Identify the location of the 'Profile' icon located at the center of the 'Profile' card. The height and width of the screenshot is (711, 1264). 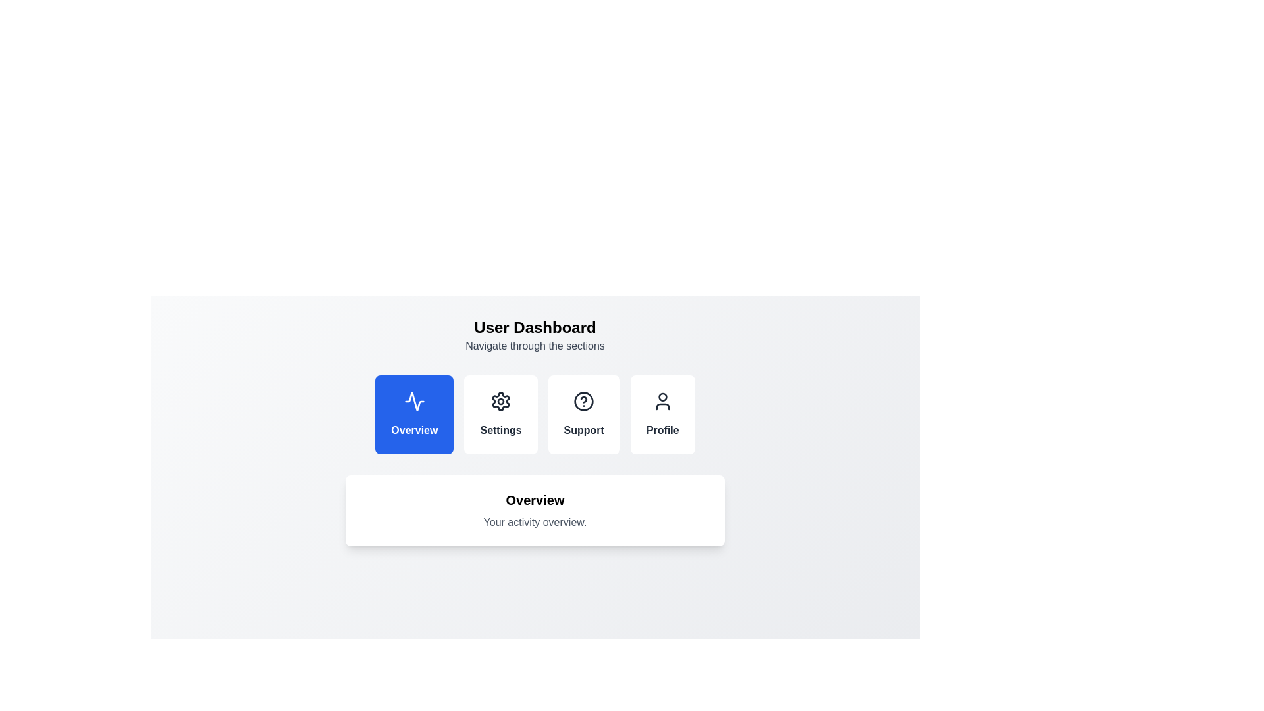
(662, 400).